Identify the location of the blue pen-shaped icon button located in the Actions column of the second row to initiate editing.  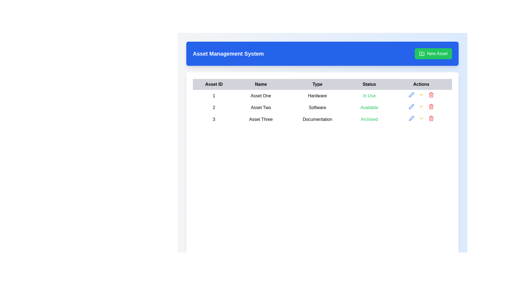
(411, 95).